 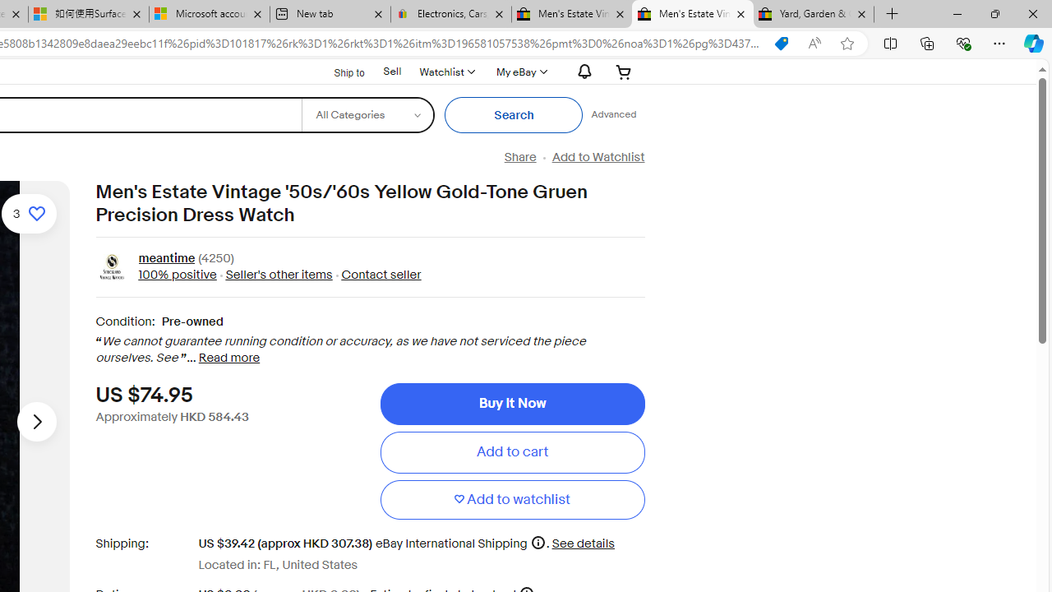 I want to click on 'Seller', so click(x=279, y=274).